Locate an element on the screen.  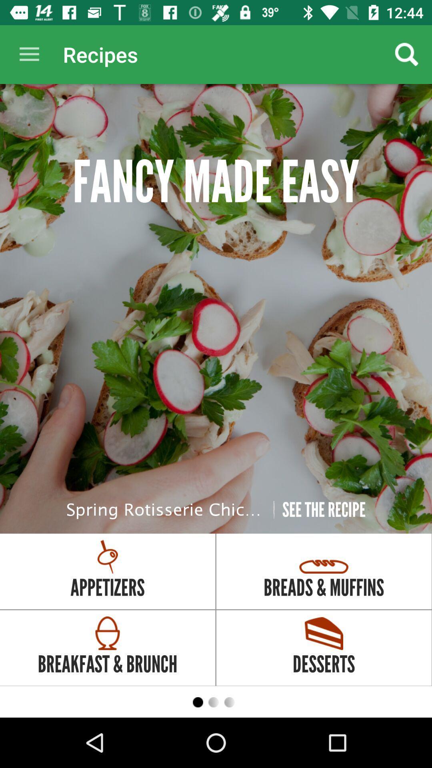
item next to the recipes app is located at coordinates (29, 54).